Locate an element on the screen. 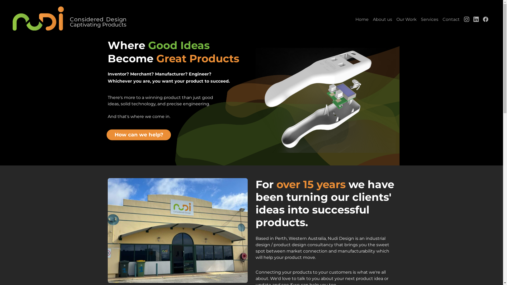 Image resolution: width=507 pixels, height=285 pixels. 'Contact' is located at coordinates (451, 19).